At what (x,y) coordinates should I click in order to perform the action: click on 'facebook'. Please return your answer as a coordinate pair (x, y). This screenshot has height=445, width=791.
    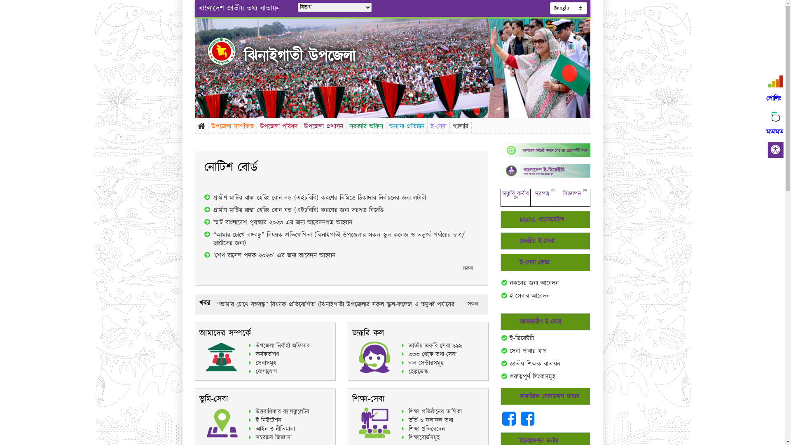
    Looking at the image, I should click on (527, 423).